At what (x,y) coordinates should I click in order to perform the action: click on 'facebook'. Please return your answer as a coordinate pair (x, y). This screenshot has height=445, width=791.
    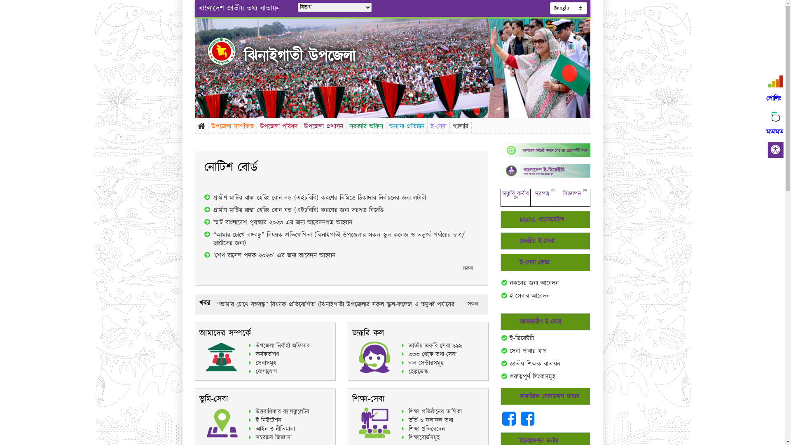
    Looking at the image, I should click on (527, 423).